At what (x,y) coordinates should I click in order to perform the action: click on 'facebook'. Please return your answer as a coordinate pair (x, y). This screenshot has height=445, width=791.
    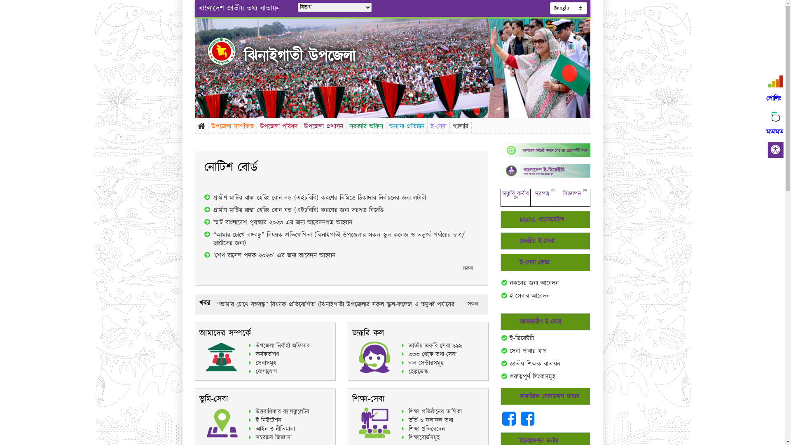
    Looking at the image, I should click on (527, 423).